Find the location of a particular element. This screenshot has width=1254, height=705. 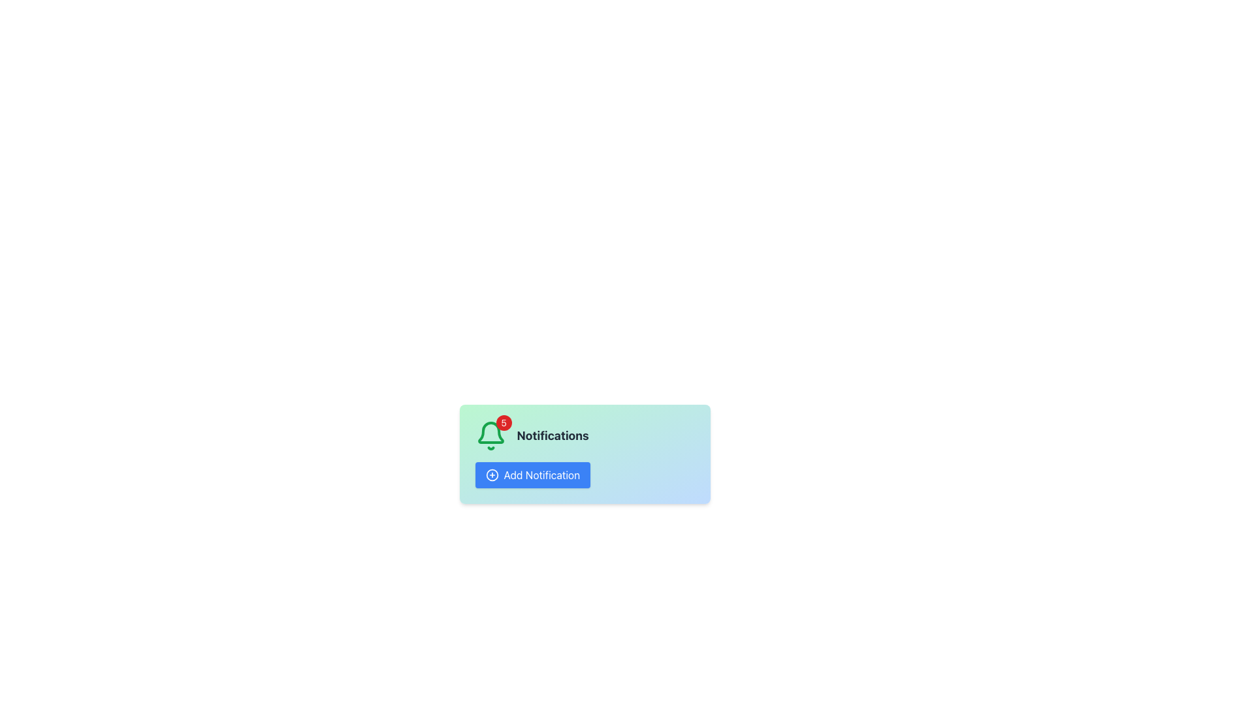

displayed number '5' from the small circular badge with a bright red background located at the top-right corner of the green notification bell icon is located at coordinates (503, 423).